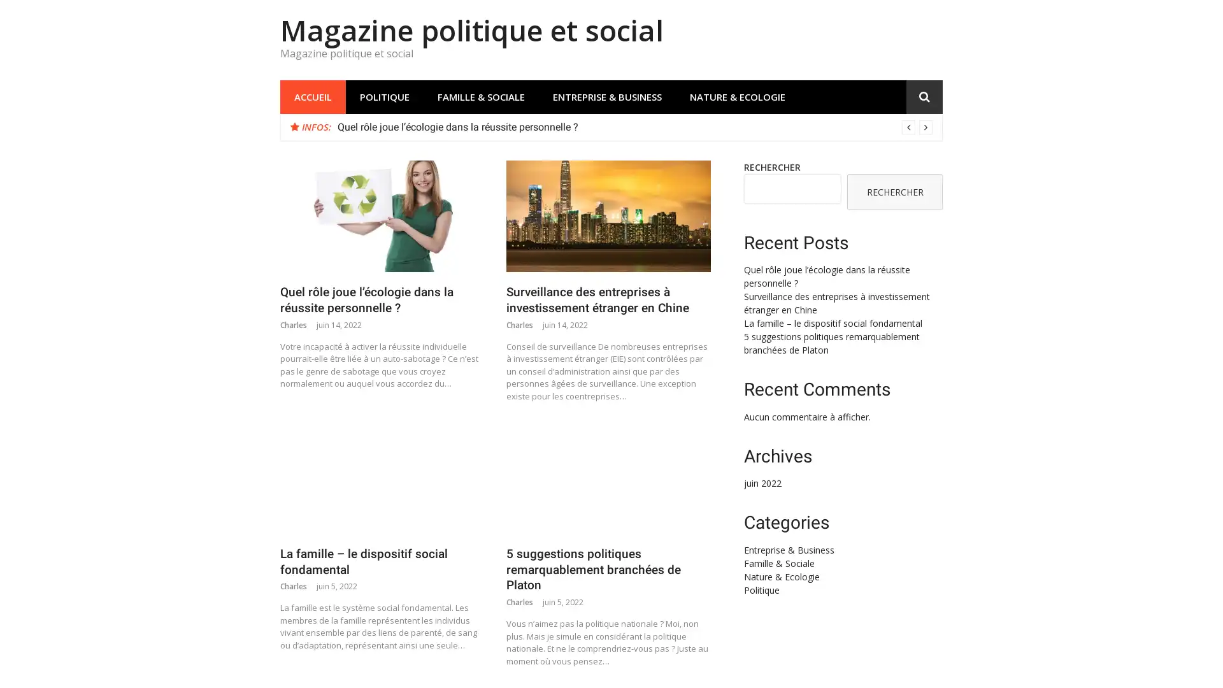 The height and width of the screenshot is (688, 1223). I want to click on RECHERCHER, so click(894, 191).